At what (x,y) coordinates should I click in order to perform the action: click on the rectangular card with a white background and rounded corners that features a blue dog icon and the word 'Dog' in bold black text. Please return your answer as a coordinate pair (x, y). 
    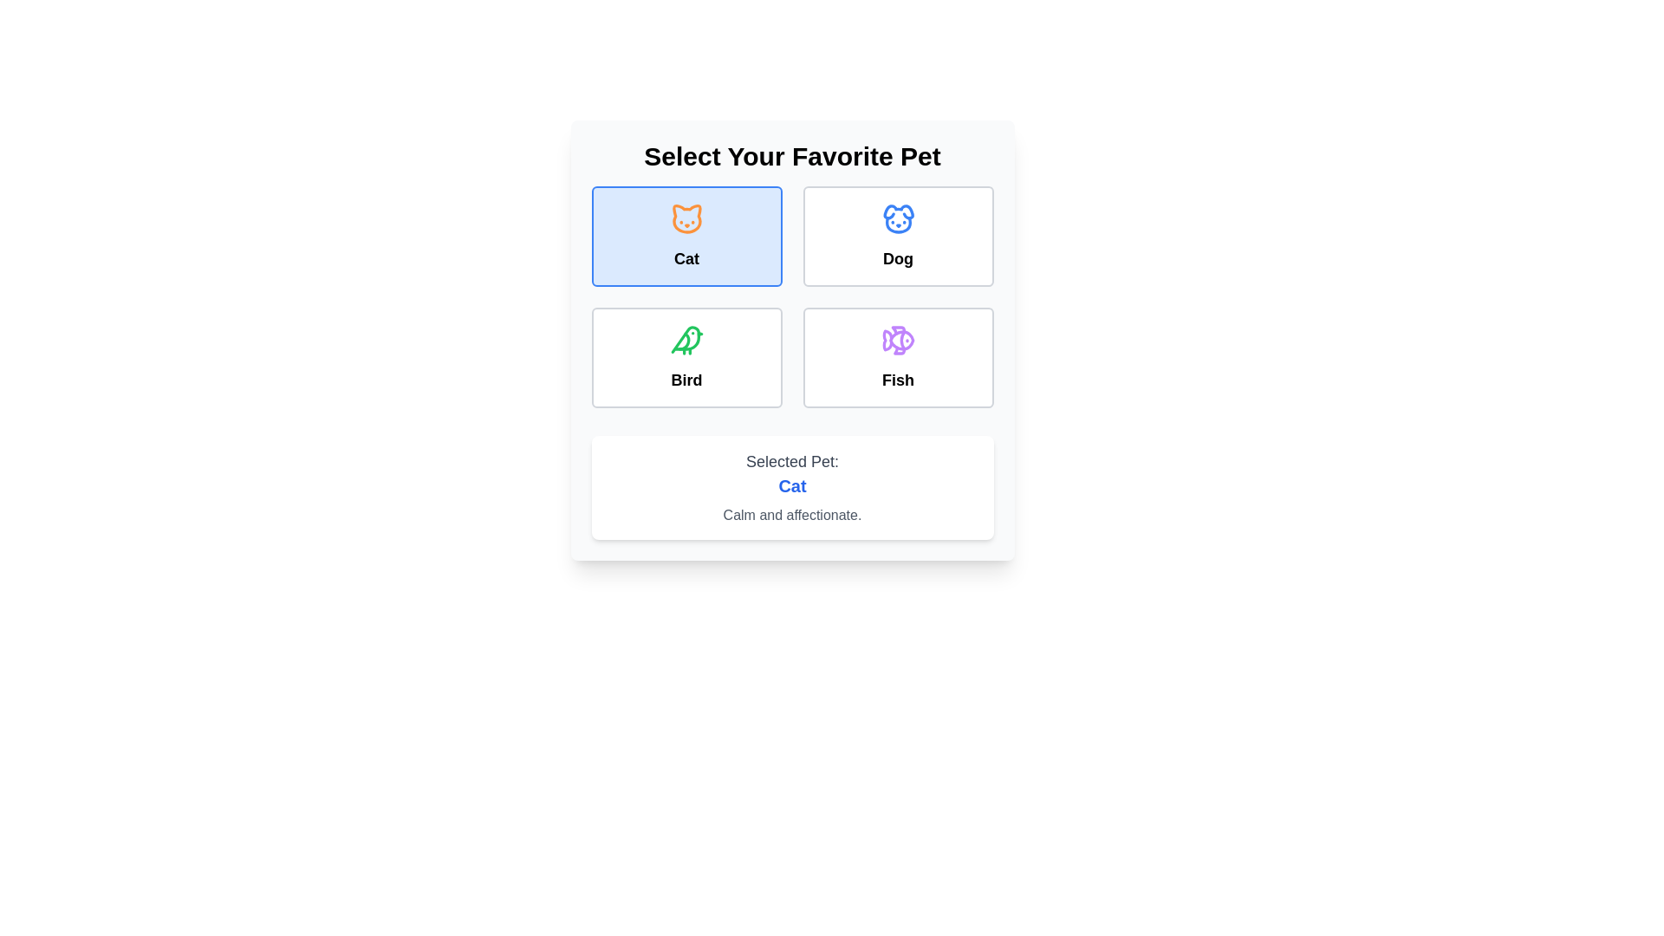
    Looking at the image, I should click on (898, 237).